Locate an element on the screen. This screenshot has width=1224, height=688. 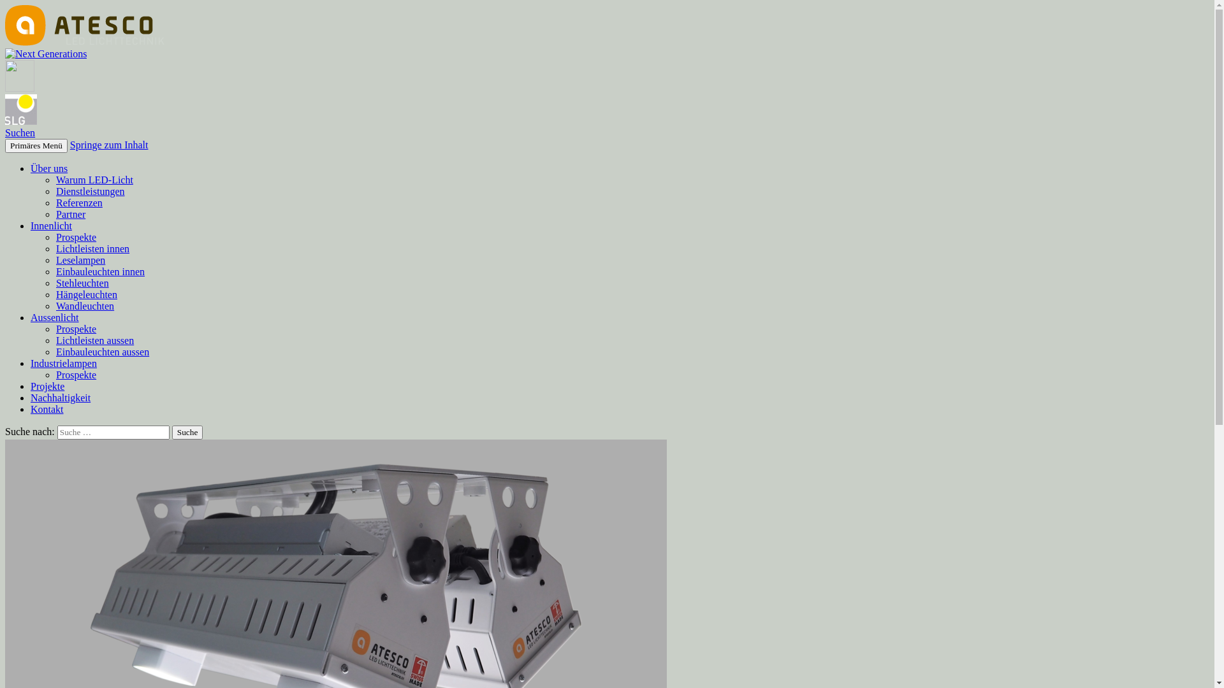
'Springe zum Inhalt' is located at coordinates (109, 144).